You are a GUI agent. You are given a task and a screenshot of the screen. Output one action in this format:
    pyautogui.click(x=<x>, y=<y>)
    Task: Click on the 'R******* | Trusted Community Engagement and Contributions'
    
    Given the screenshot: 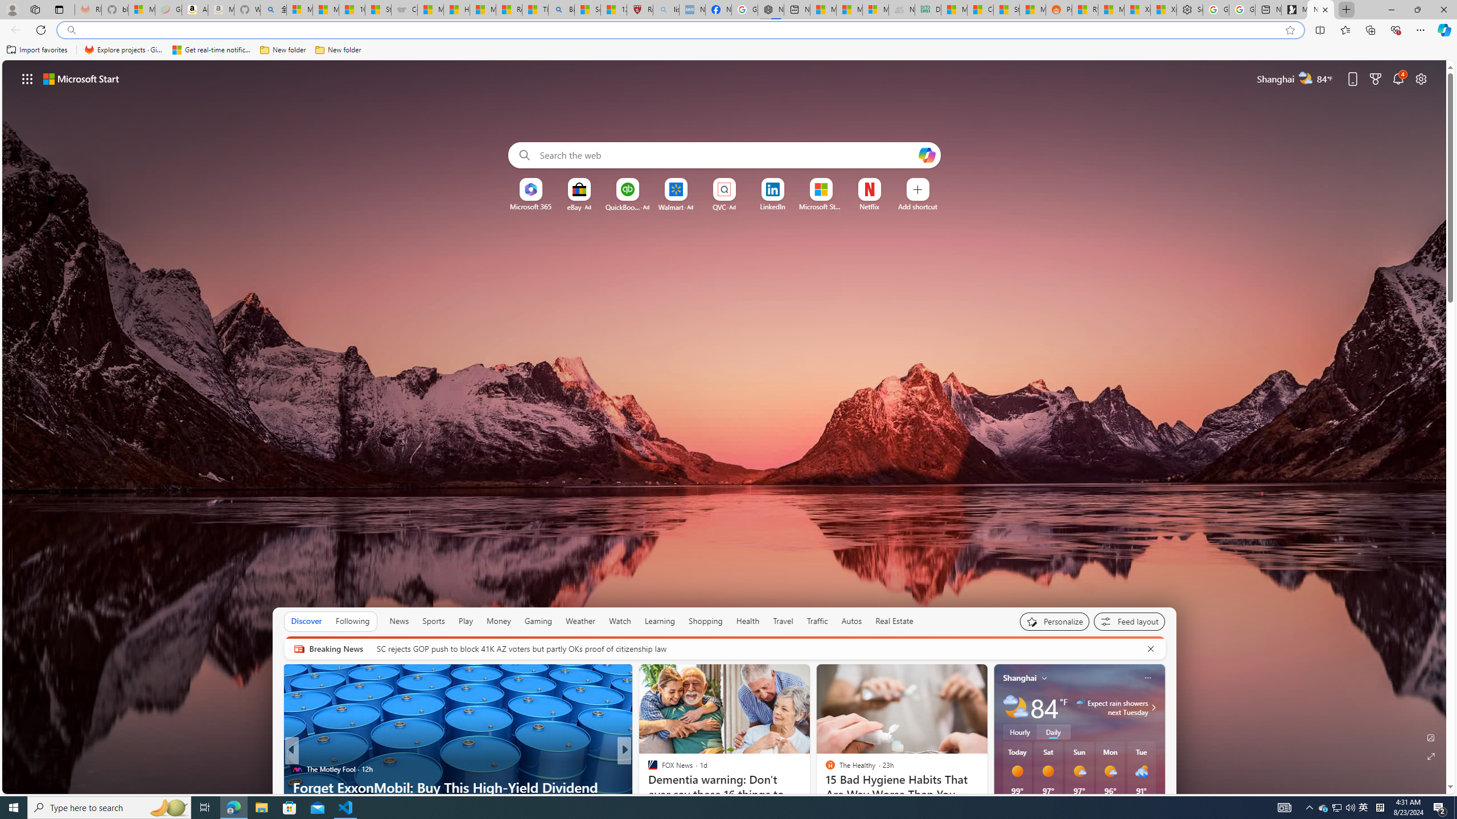 What is the action you would take?
    pyautogui.click(x=1084, y=9)
    